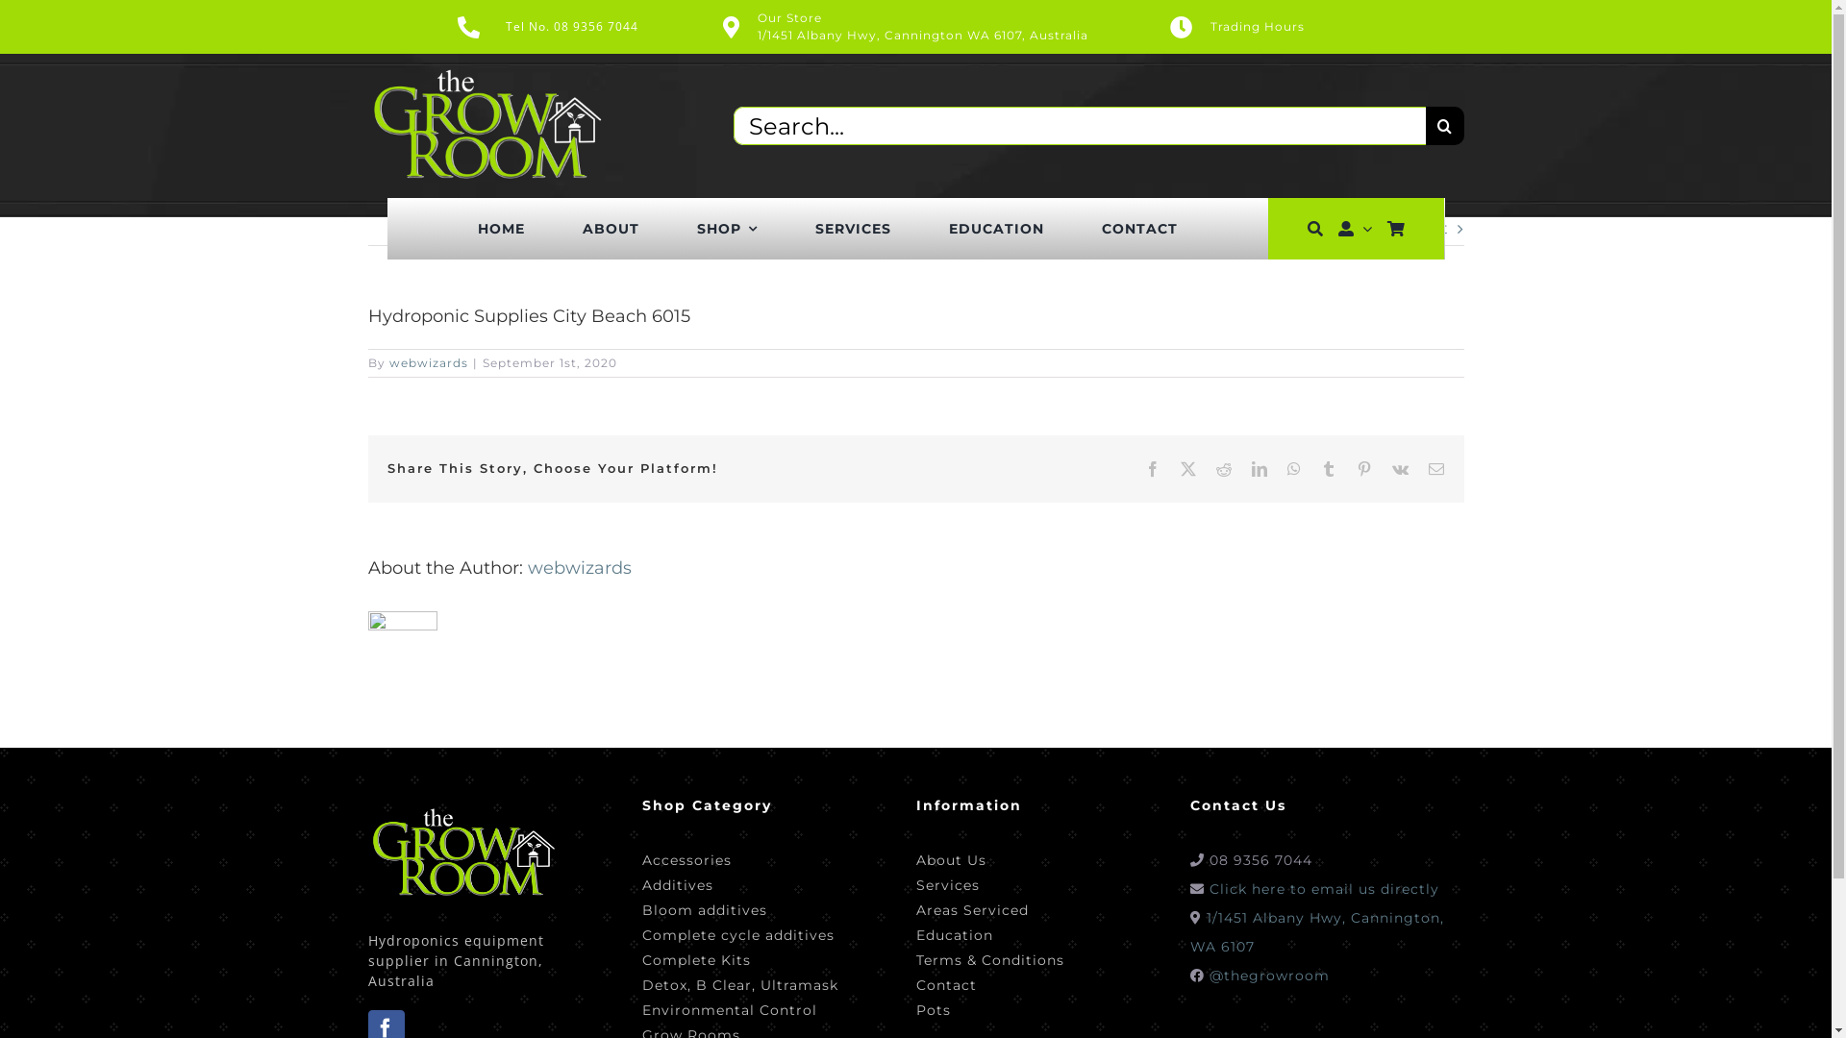 This screenshot has height=1038, width=1846. I want to click on 'Contact', so click(988, 982).